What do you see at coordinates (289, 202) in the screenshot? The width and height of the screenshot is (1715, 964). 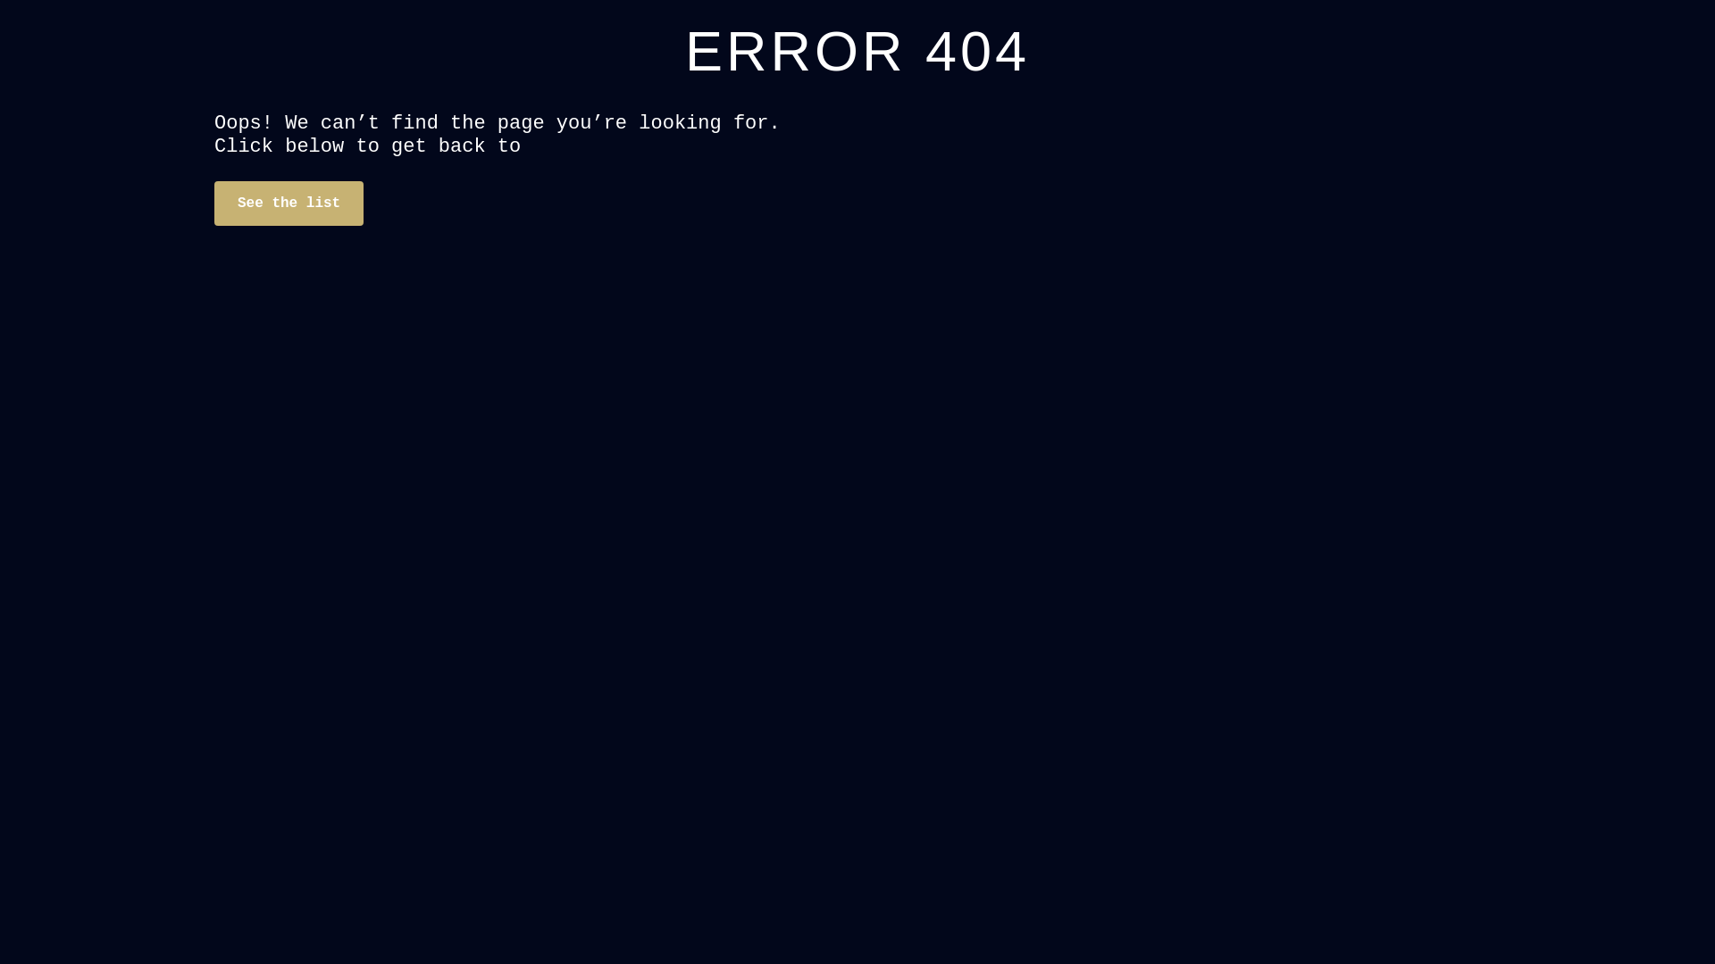 I see `'See the list'` at bounding box center [289, 202].